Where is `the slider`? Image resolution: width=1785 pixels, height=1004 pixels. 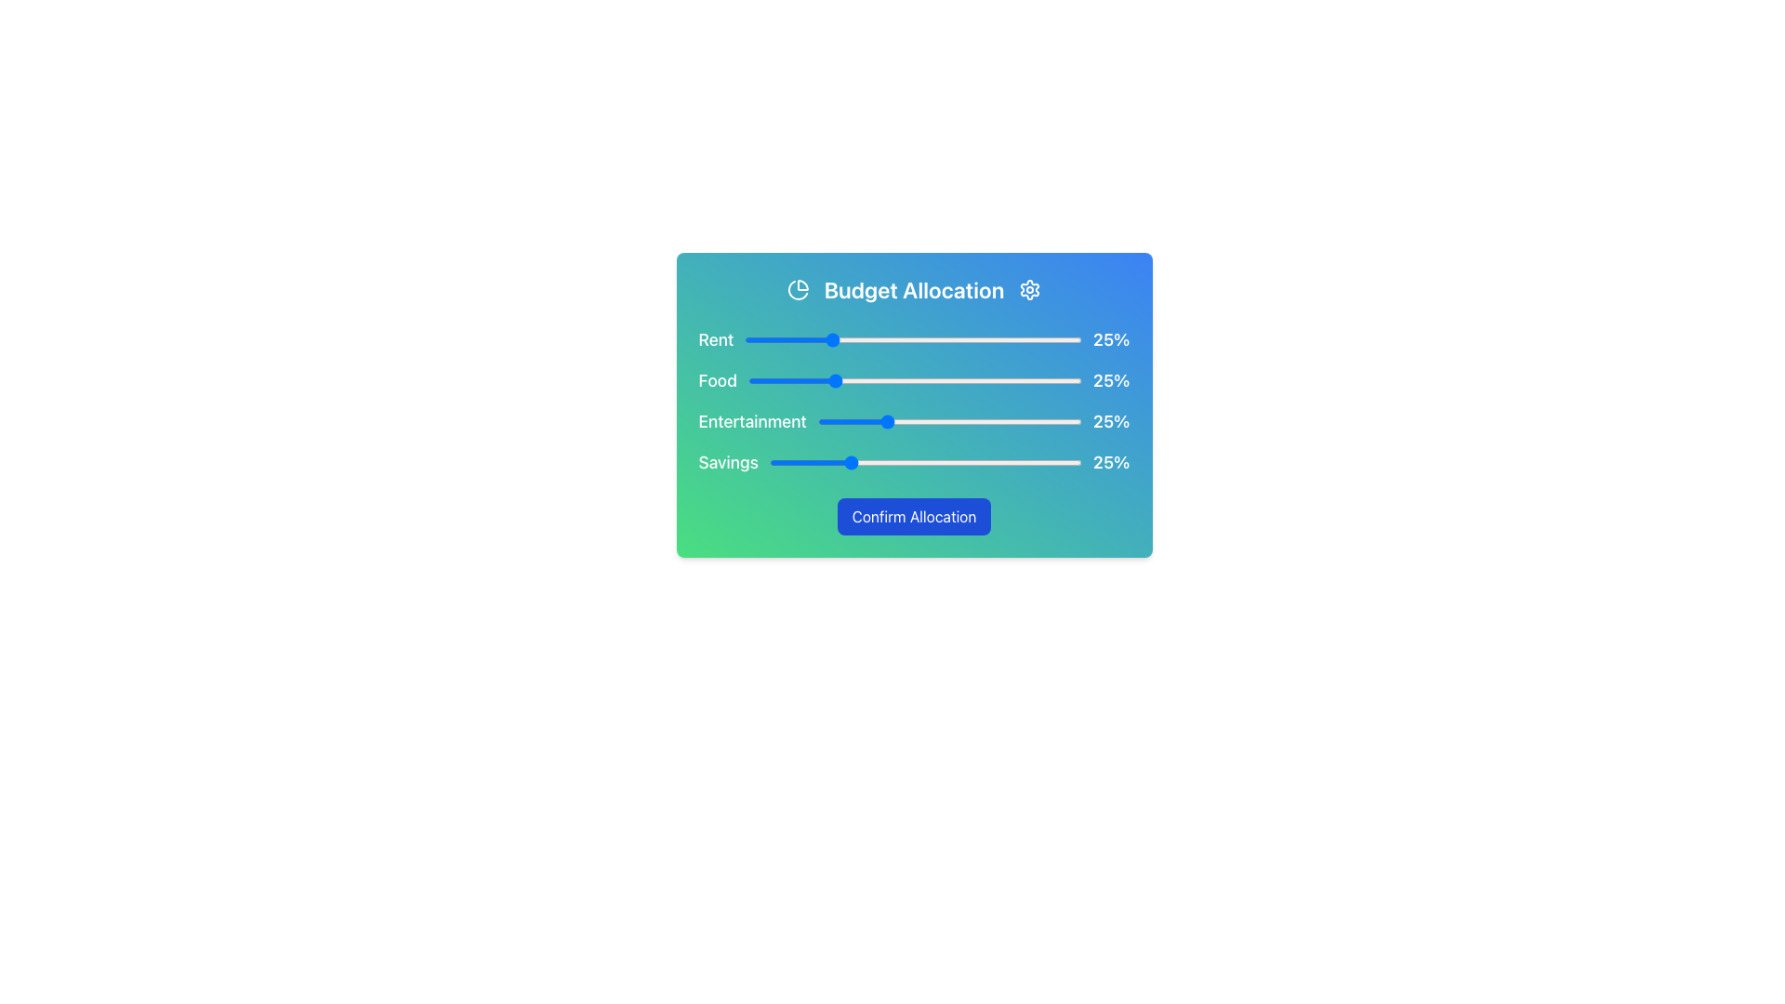 the slider is located at coordinates (874, 379).